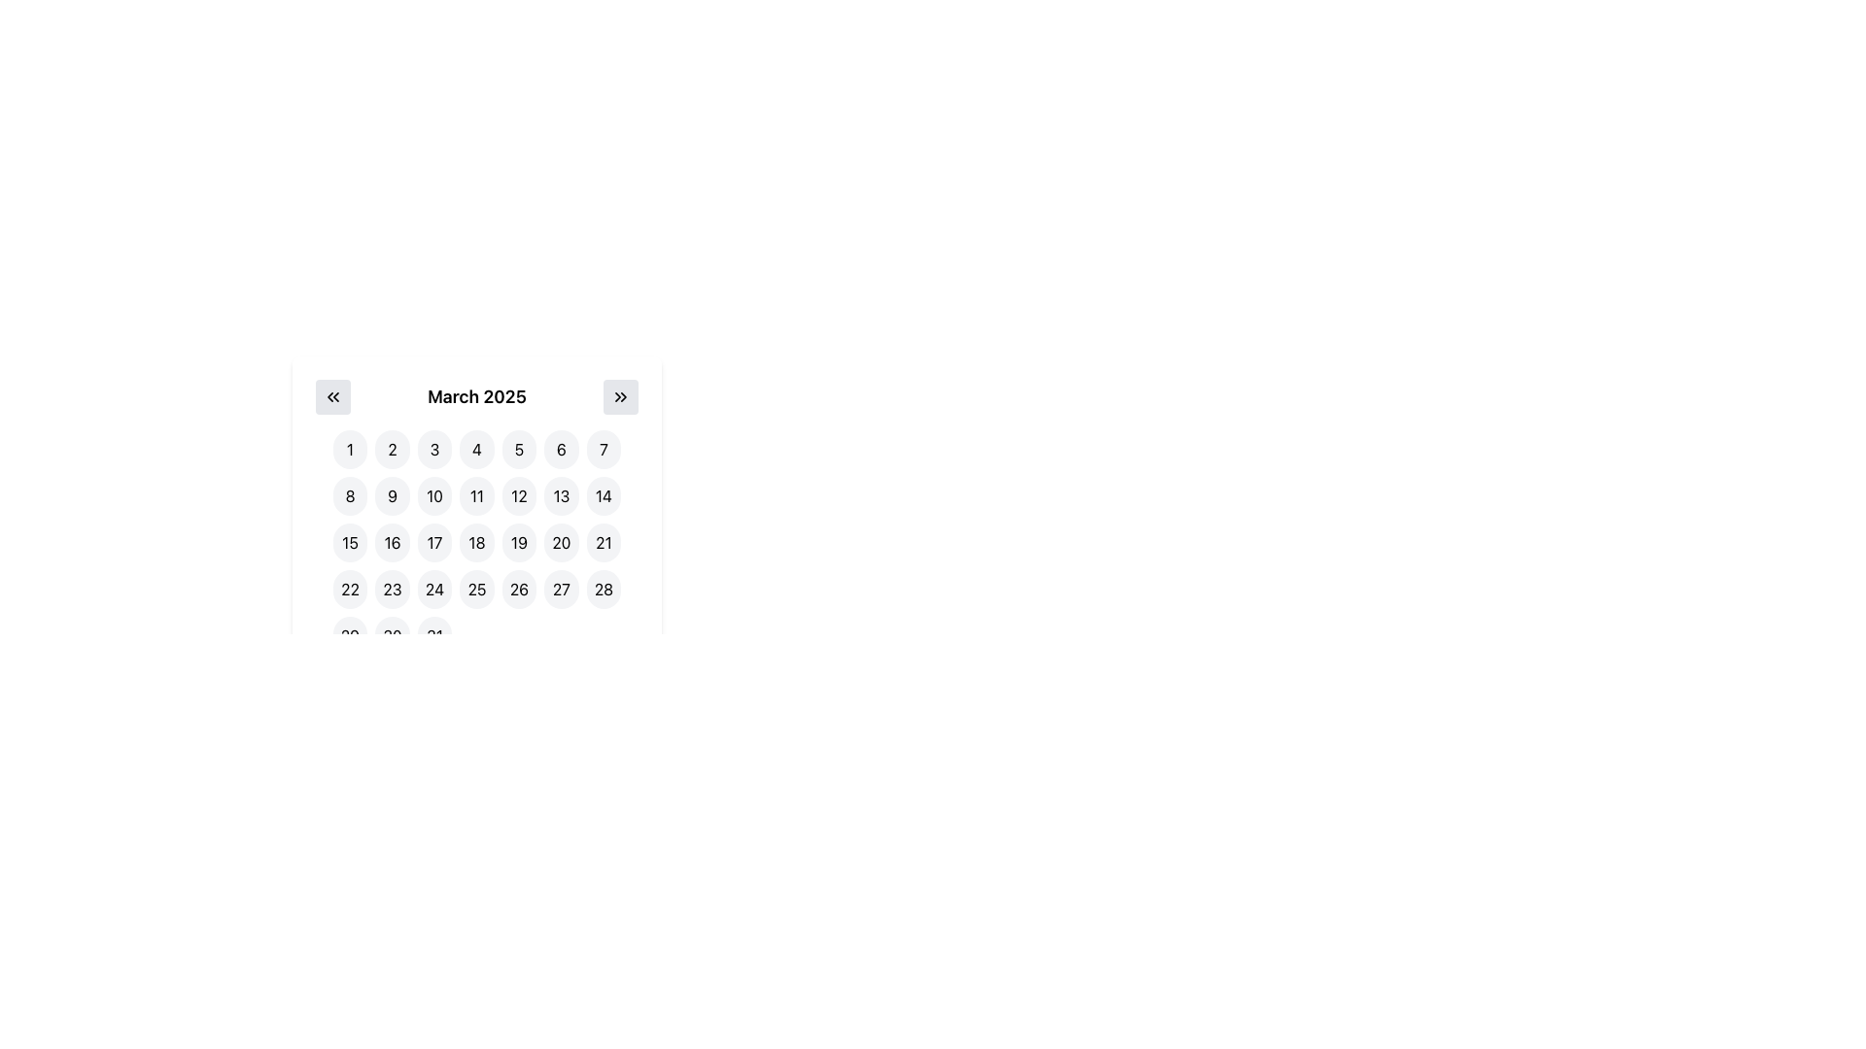 The image size is (1866, 1049). What do you see at coordinates (433, 588) in the screenshot?
I see `the button representing the date '24' on the calendar` at bounding box center [433, 588].